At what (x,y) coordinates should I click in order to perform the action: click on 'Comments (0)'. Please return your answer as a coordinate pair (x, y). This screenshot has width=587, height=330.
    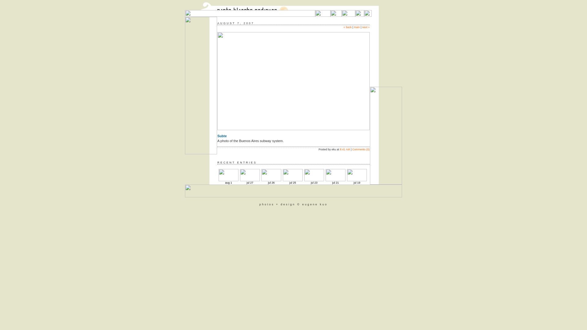
    Looking at the image, I should click on (361, 149).